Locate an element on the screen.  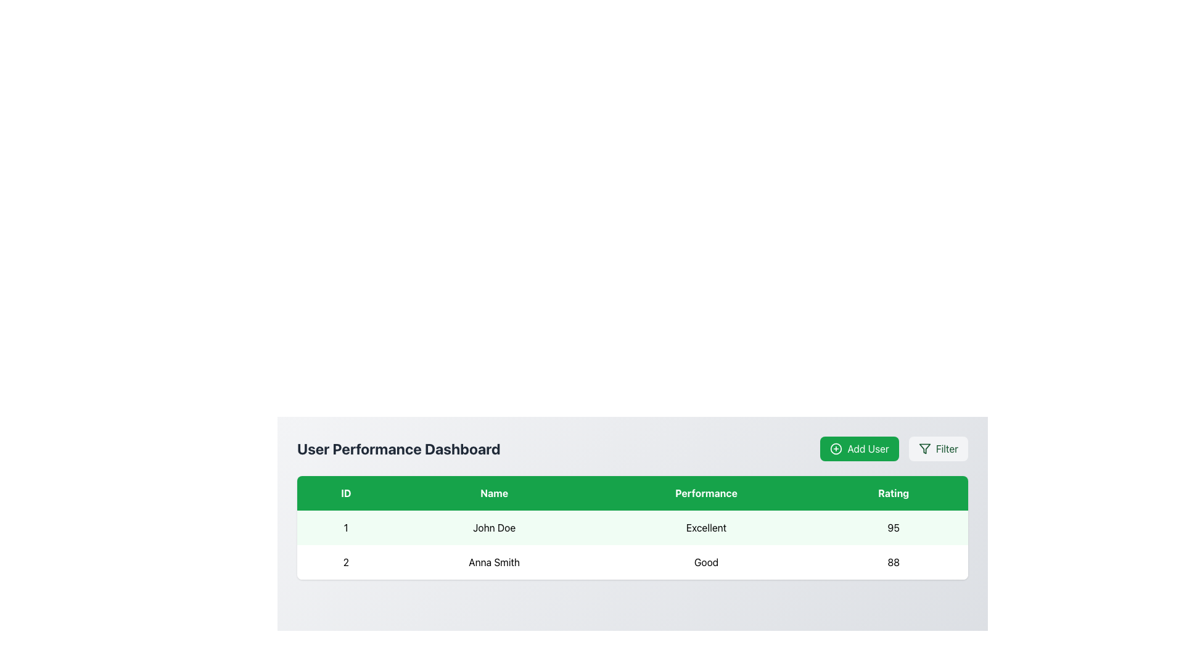
the 'Filter' button, which is a rectangular button with a light gray background and green text, located at the top-right section of the displayed table interface is located at coordinates (937, 449).